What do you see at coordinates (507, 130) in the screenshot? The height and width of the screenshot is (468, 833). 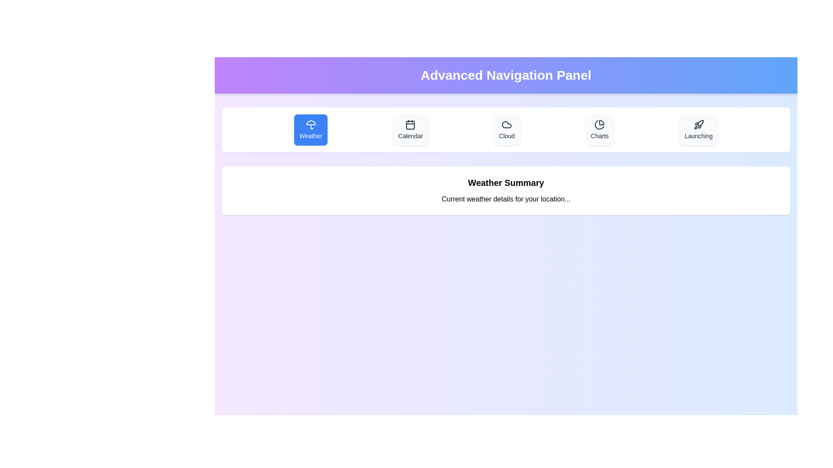 I see `the button-like card with icon and label` at bounding box center [507, 130].